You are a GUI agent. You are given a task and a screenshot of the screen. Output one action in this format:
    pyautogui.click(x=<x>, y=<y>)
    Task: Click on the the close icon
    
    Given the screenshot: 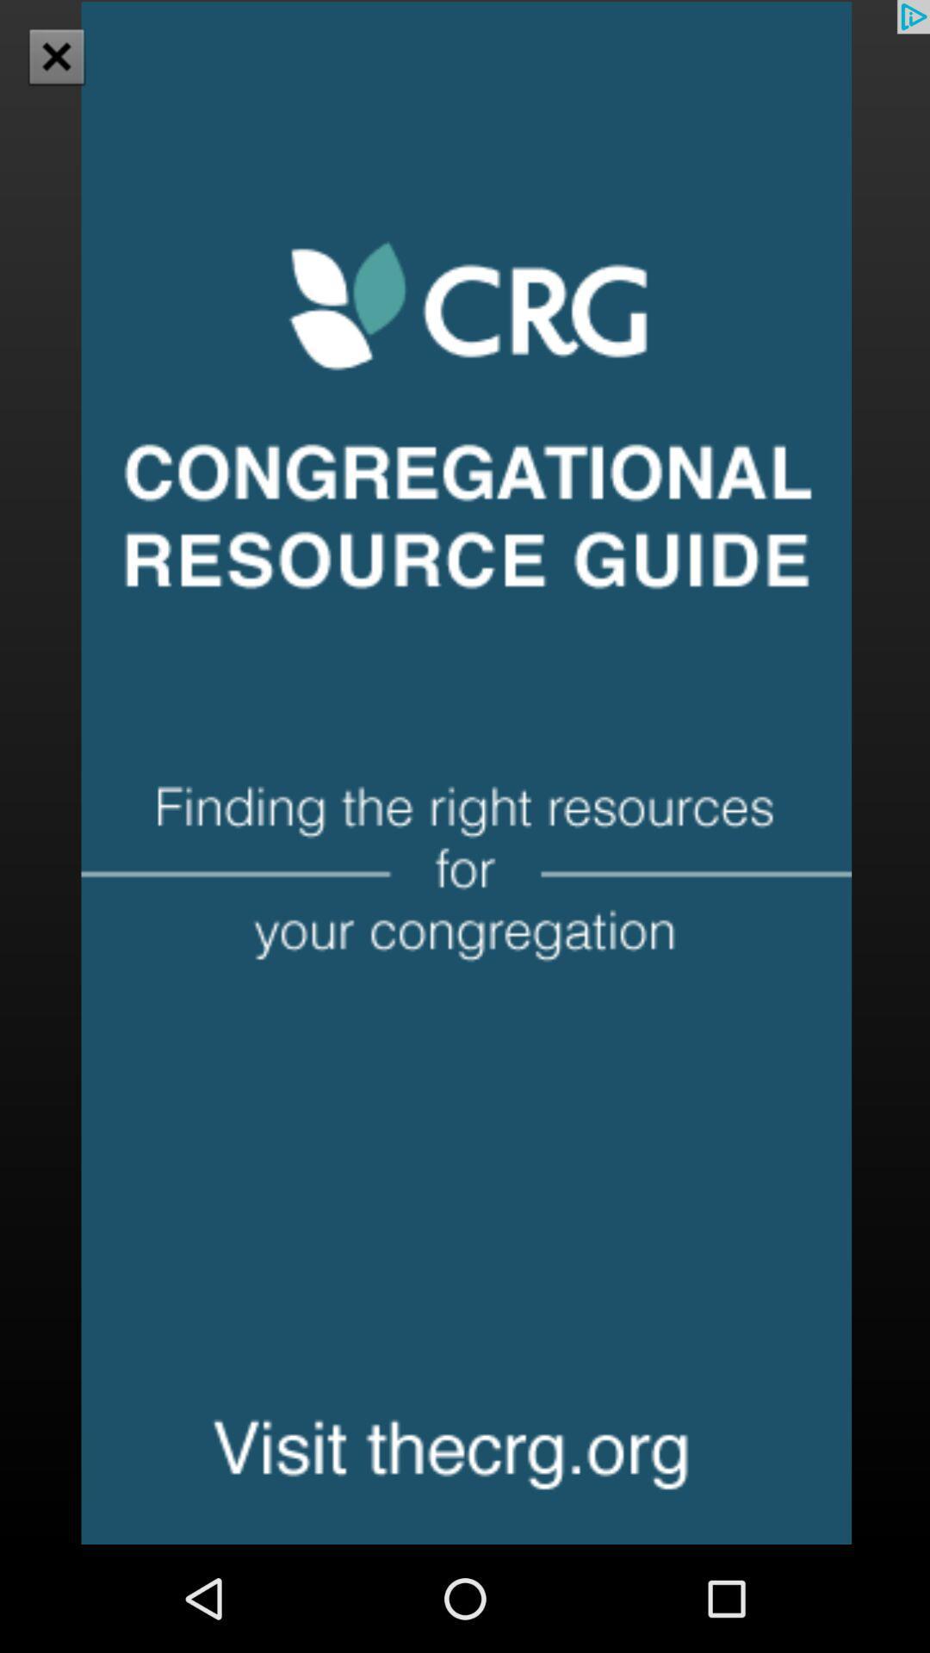 What is the action you would take?
    pyautogui.click(x=55, y=60)
    